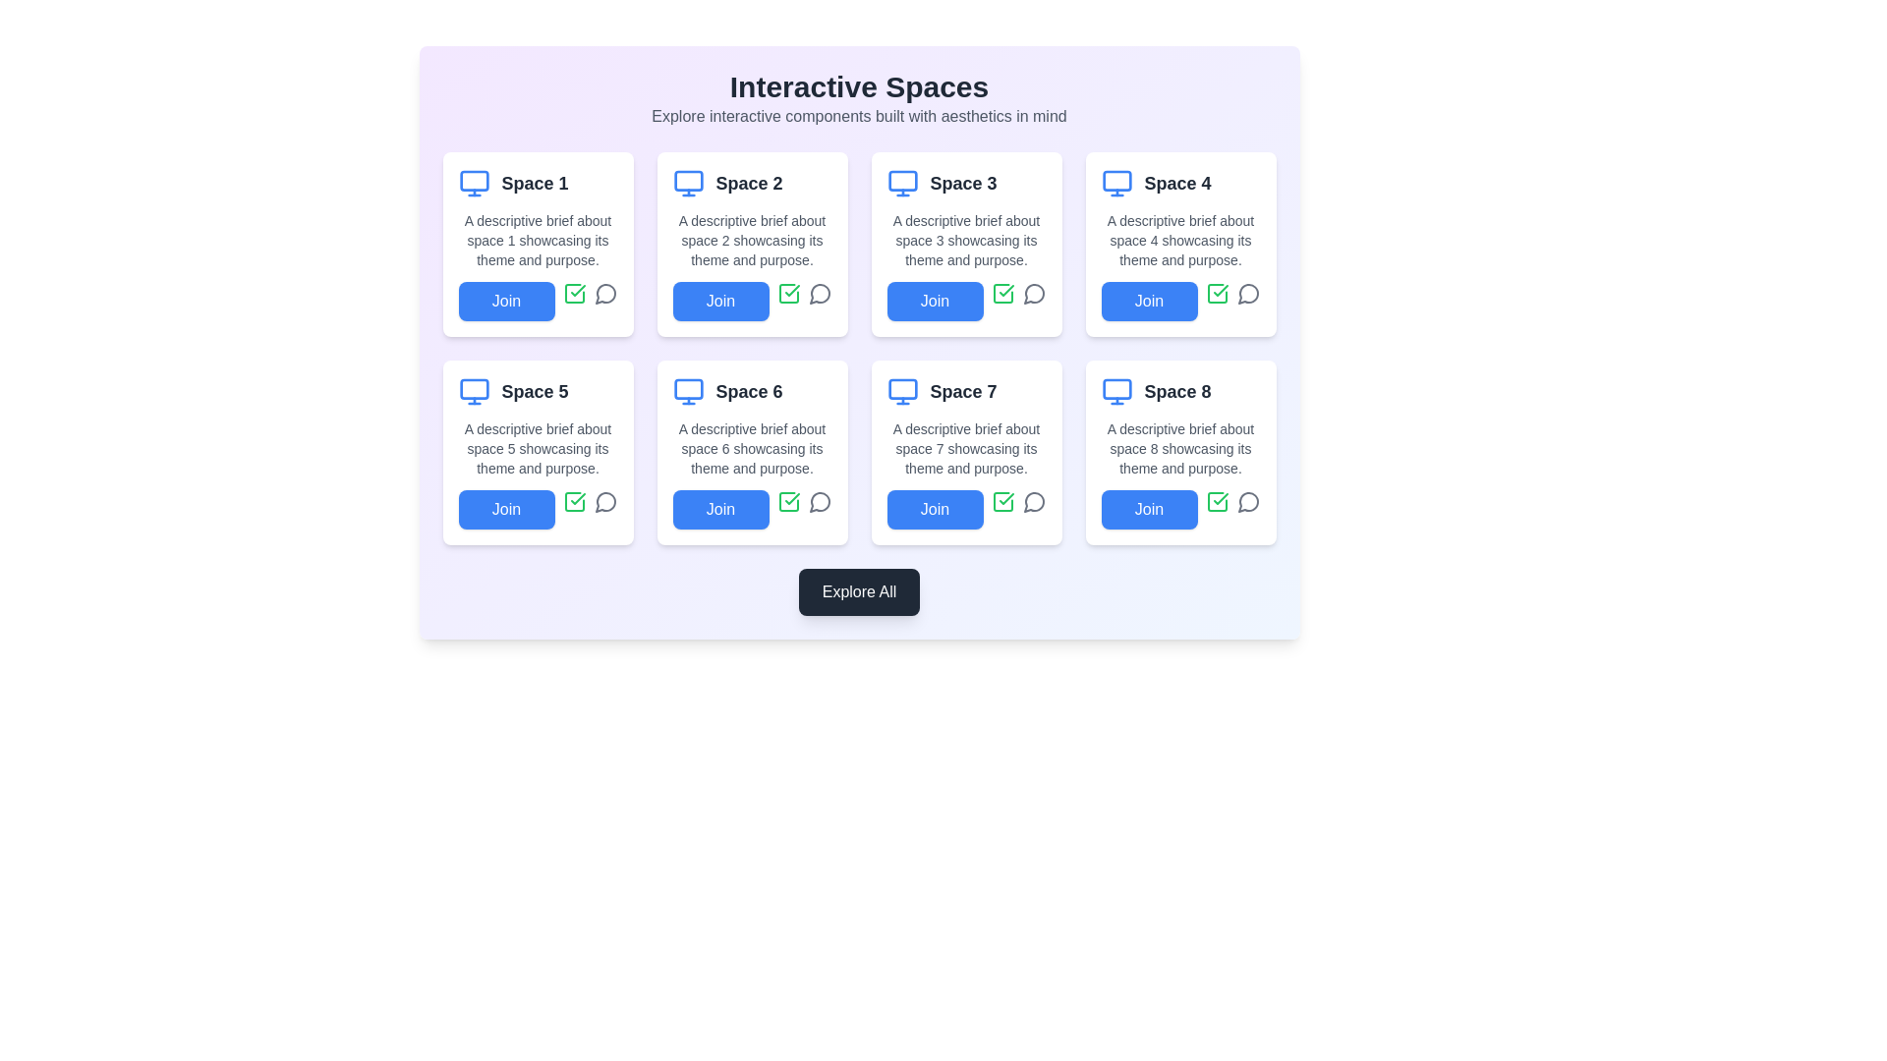  What do you see at coordinates (1220, 291) in the screenshot?
I see `the visual indicator icon on the card titled 'Space 4', located in the second card of the second row, which marks the item as selected or verified` at bounding box center [1220, 291].